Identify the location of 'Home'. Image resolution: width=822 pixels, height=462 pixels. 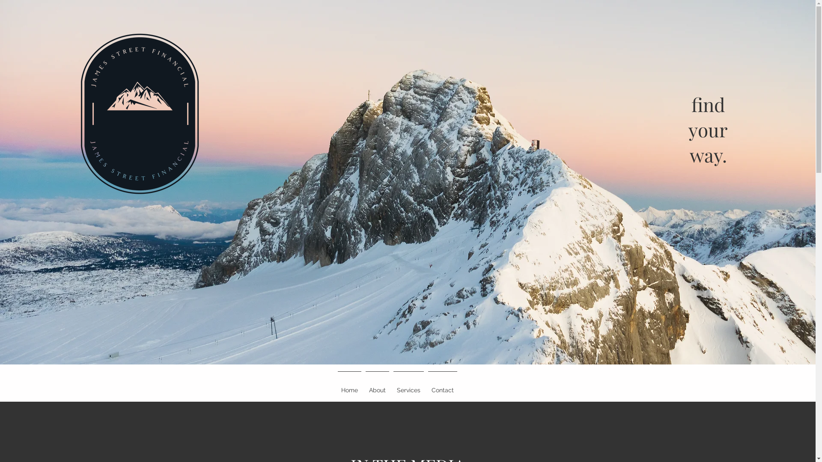
(335, 386).